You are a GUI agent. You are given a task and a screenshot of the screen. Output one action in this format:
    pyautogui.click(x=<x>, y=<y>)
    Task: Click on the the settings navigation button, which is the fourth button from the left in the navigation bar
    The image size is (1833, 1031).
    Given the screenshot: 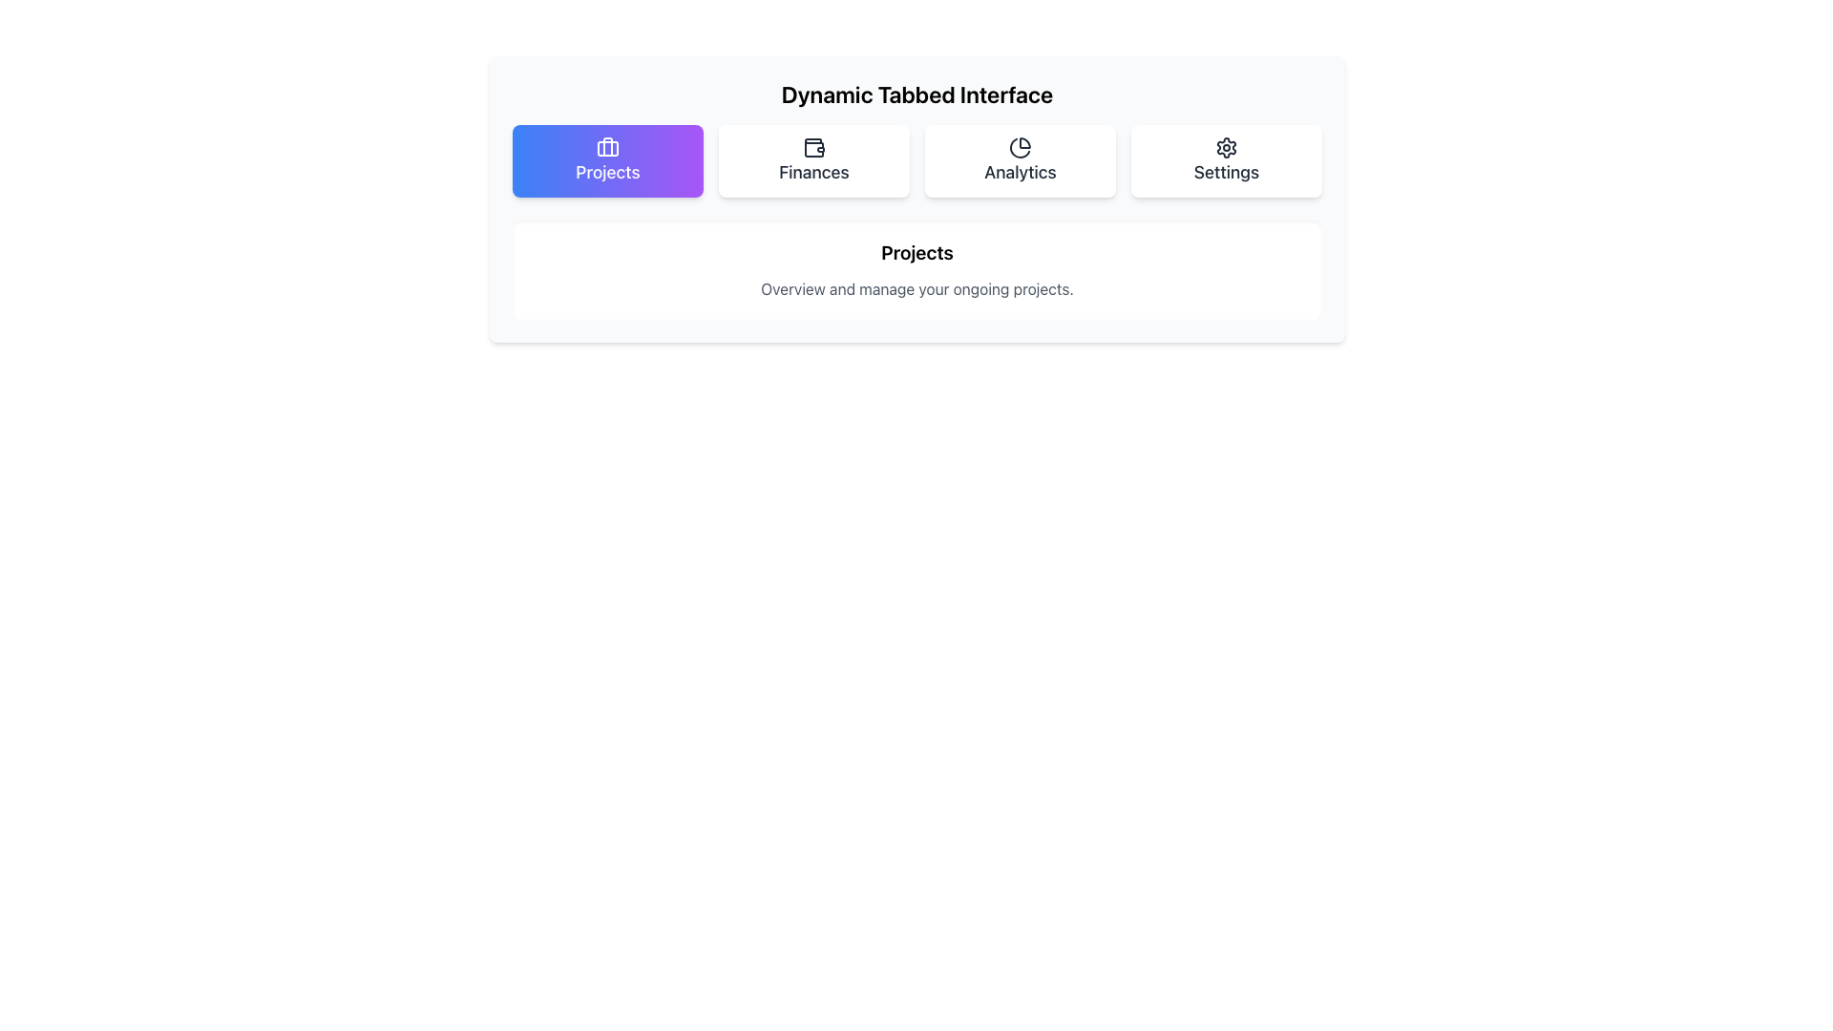 What is the action you would take?
    pyautogui.click(x=1227, y=160)
    